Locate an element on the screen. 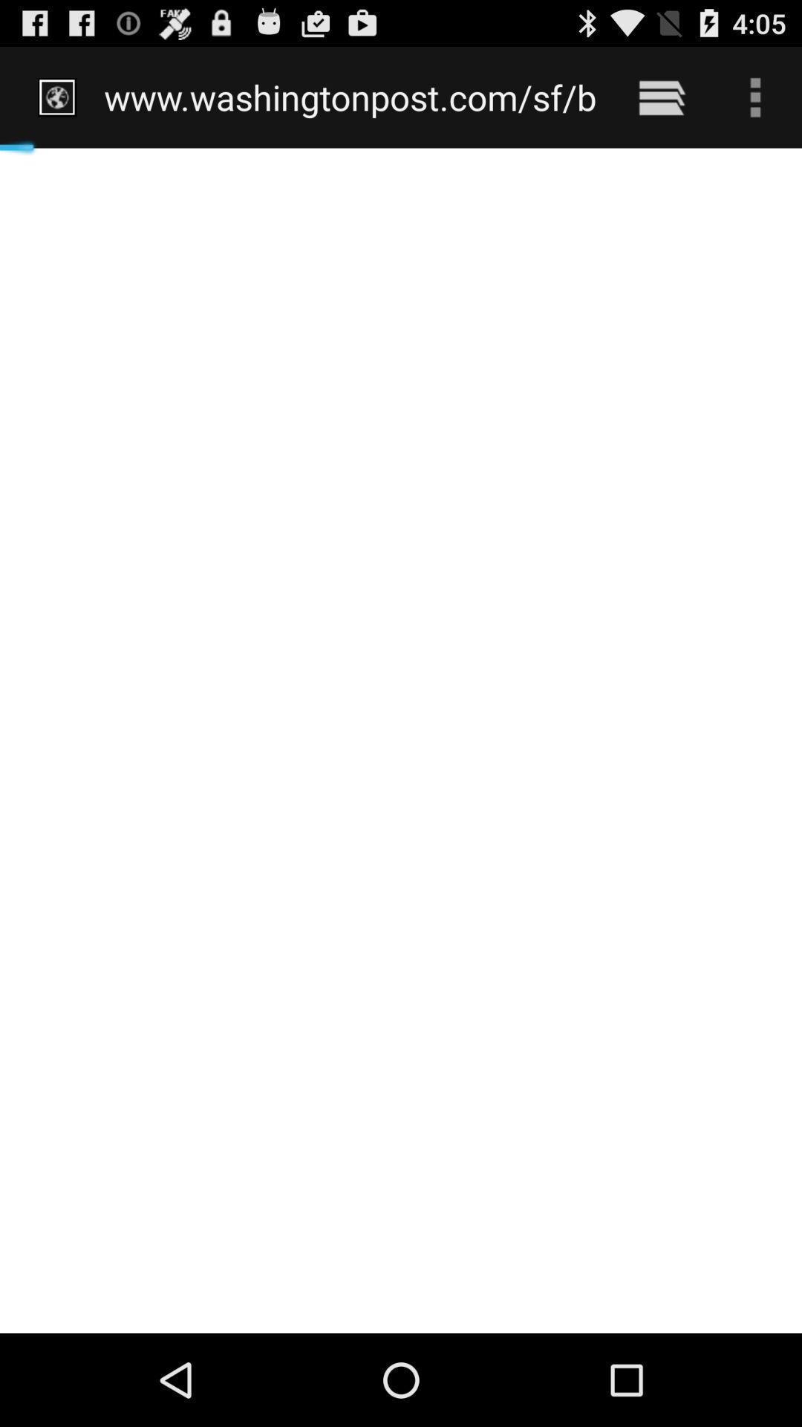 The height and width of the screenshot is (1427, 802). www washingtonpost com icon is located at coordinates (351, 97).